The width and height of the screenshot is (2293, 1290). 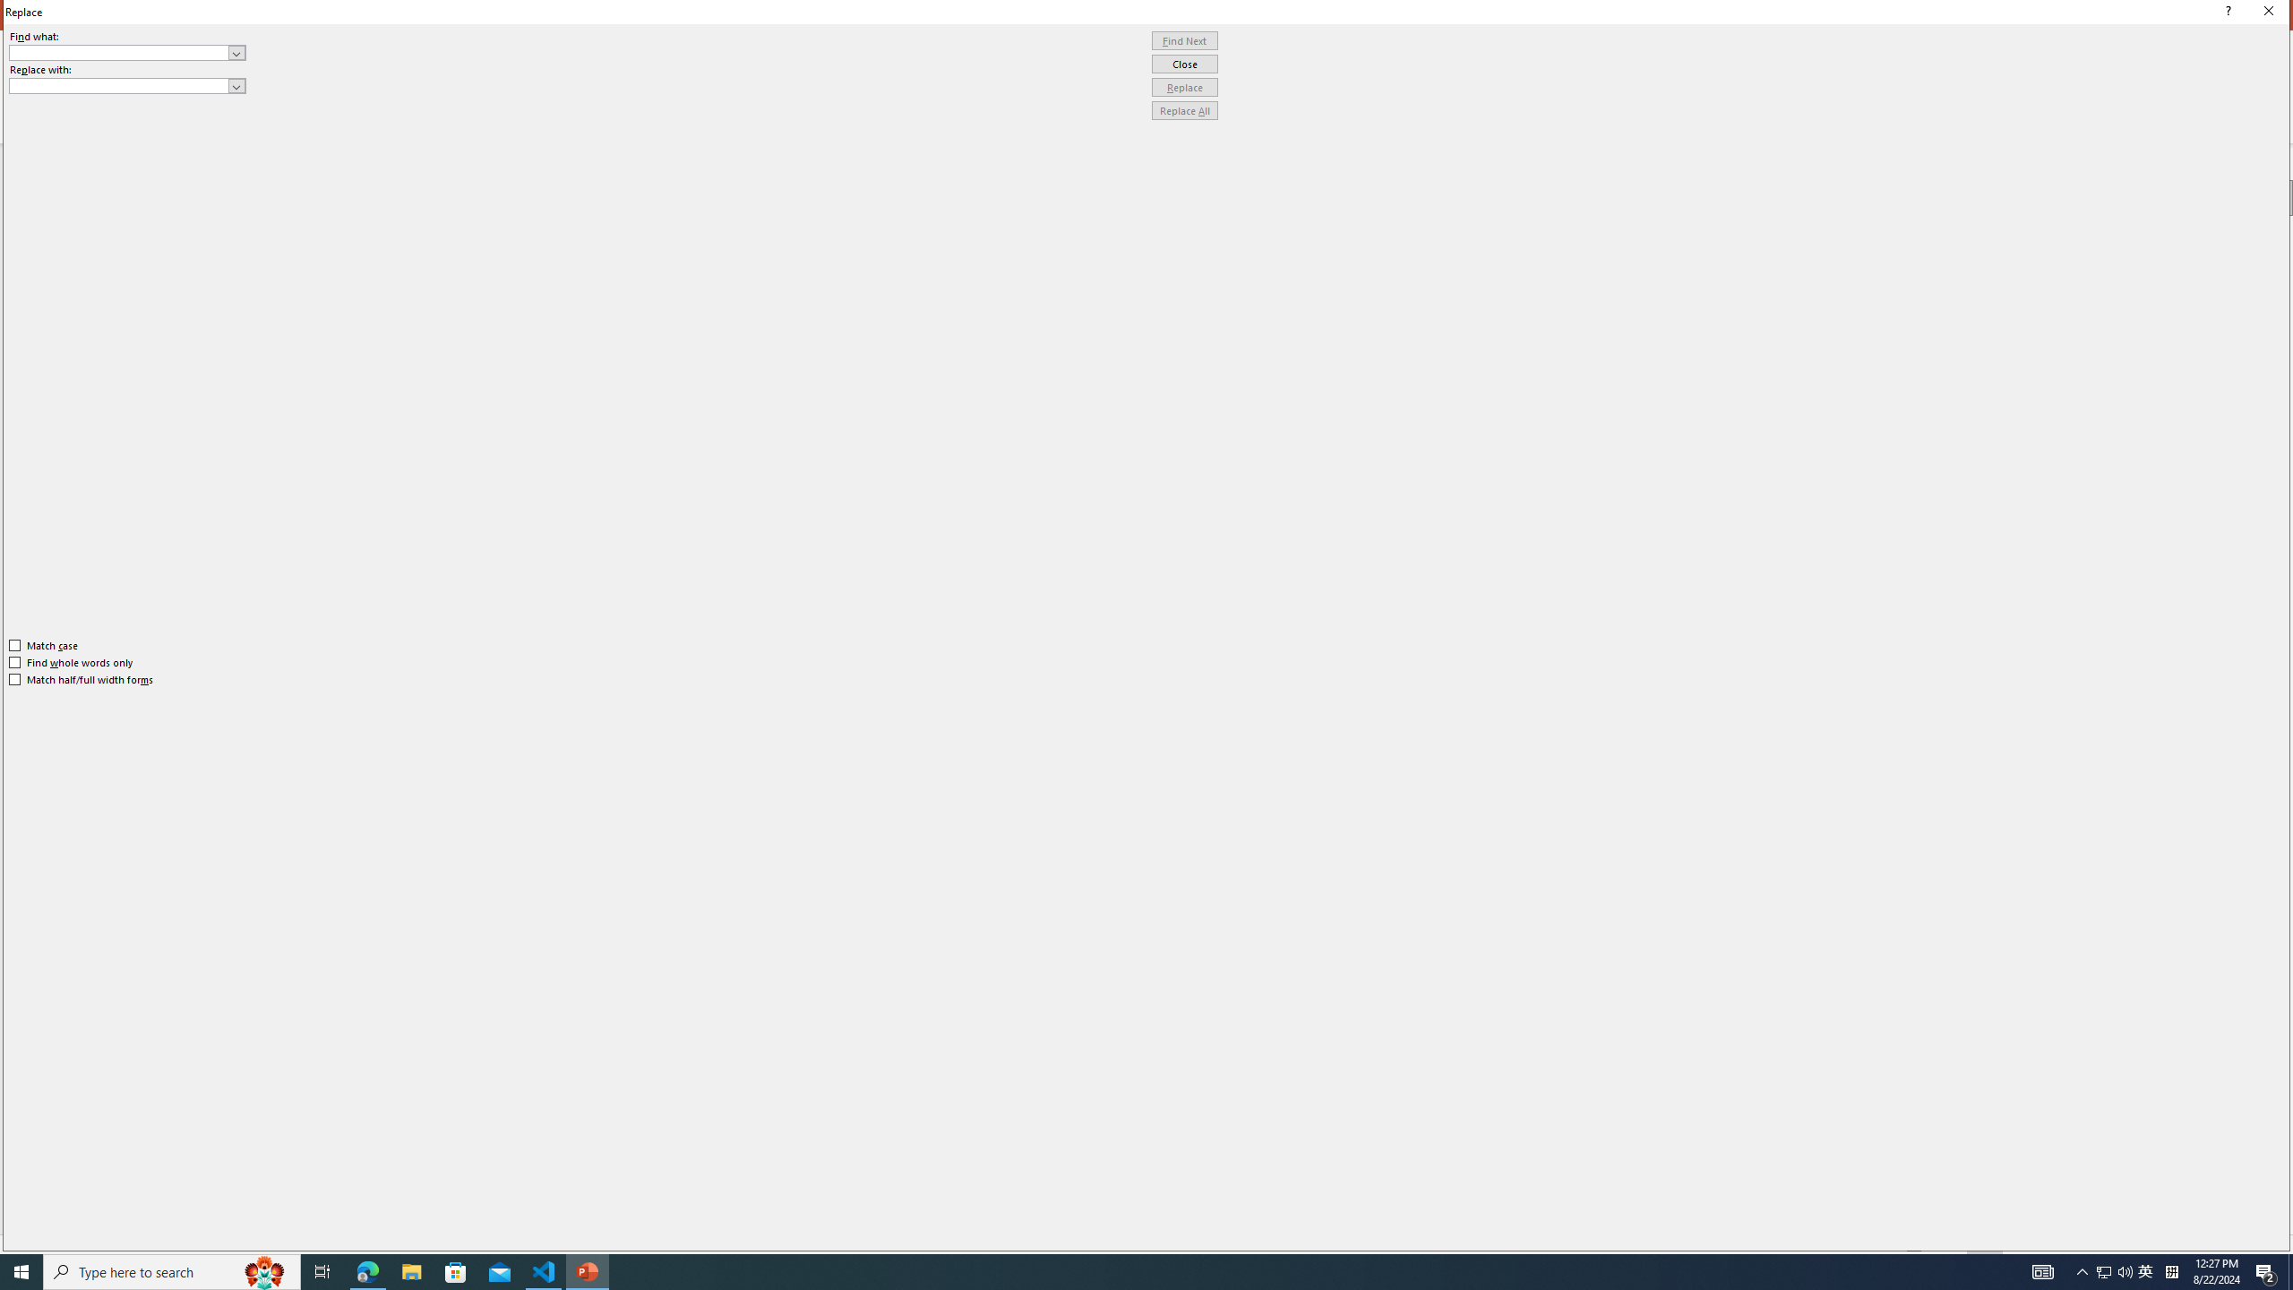 What do you see at coordinates (127, 85) in the screenshot?
I see `'Replace with'` at bounding box center [127, 85].